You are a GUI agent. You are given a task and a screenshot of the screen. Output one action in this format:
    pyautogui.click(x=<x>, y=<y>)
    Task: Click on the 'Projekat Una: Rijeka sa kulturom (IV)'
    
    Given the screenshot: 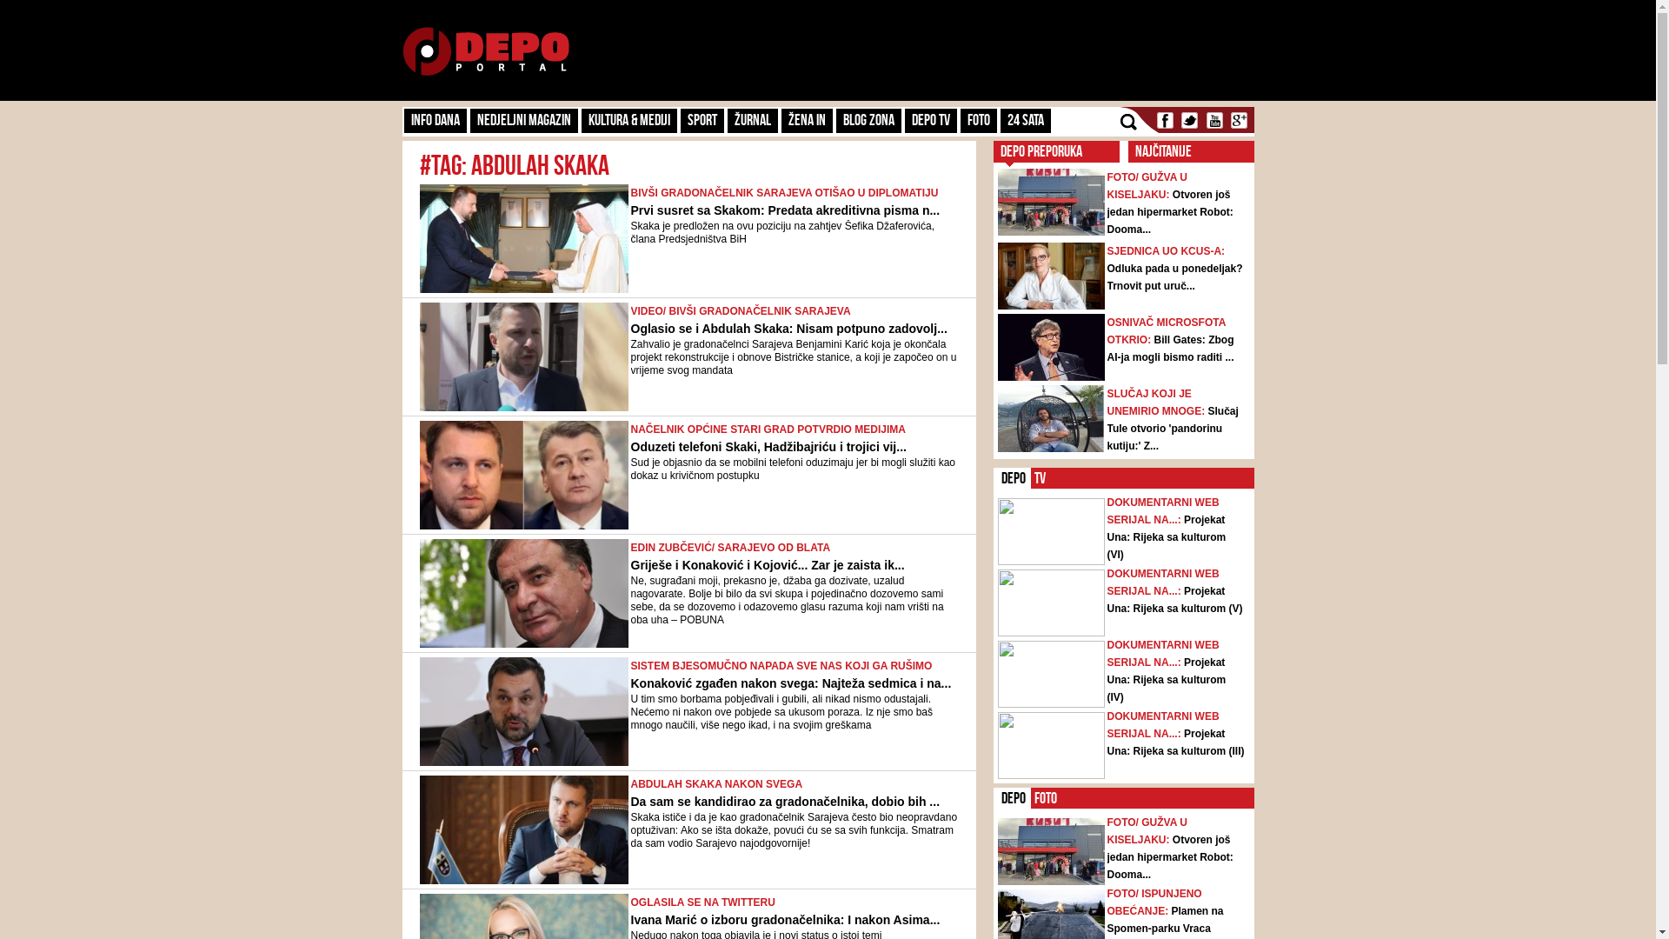 What is the action you would take?
    pyautogui.click(x=1167, y=679)
    